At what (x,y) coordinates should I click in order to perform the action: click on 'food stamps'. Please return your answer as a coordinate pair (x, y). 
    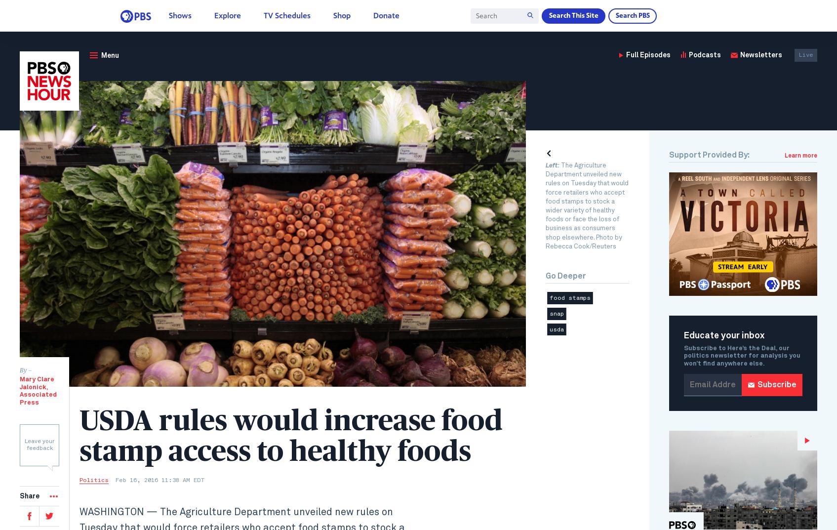
    Looking at the image, I should click on (549, 297).